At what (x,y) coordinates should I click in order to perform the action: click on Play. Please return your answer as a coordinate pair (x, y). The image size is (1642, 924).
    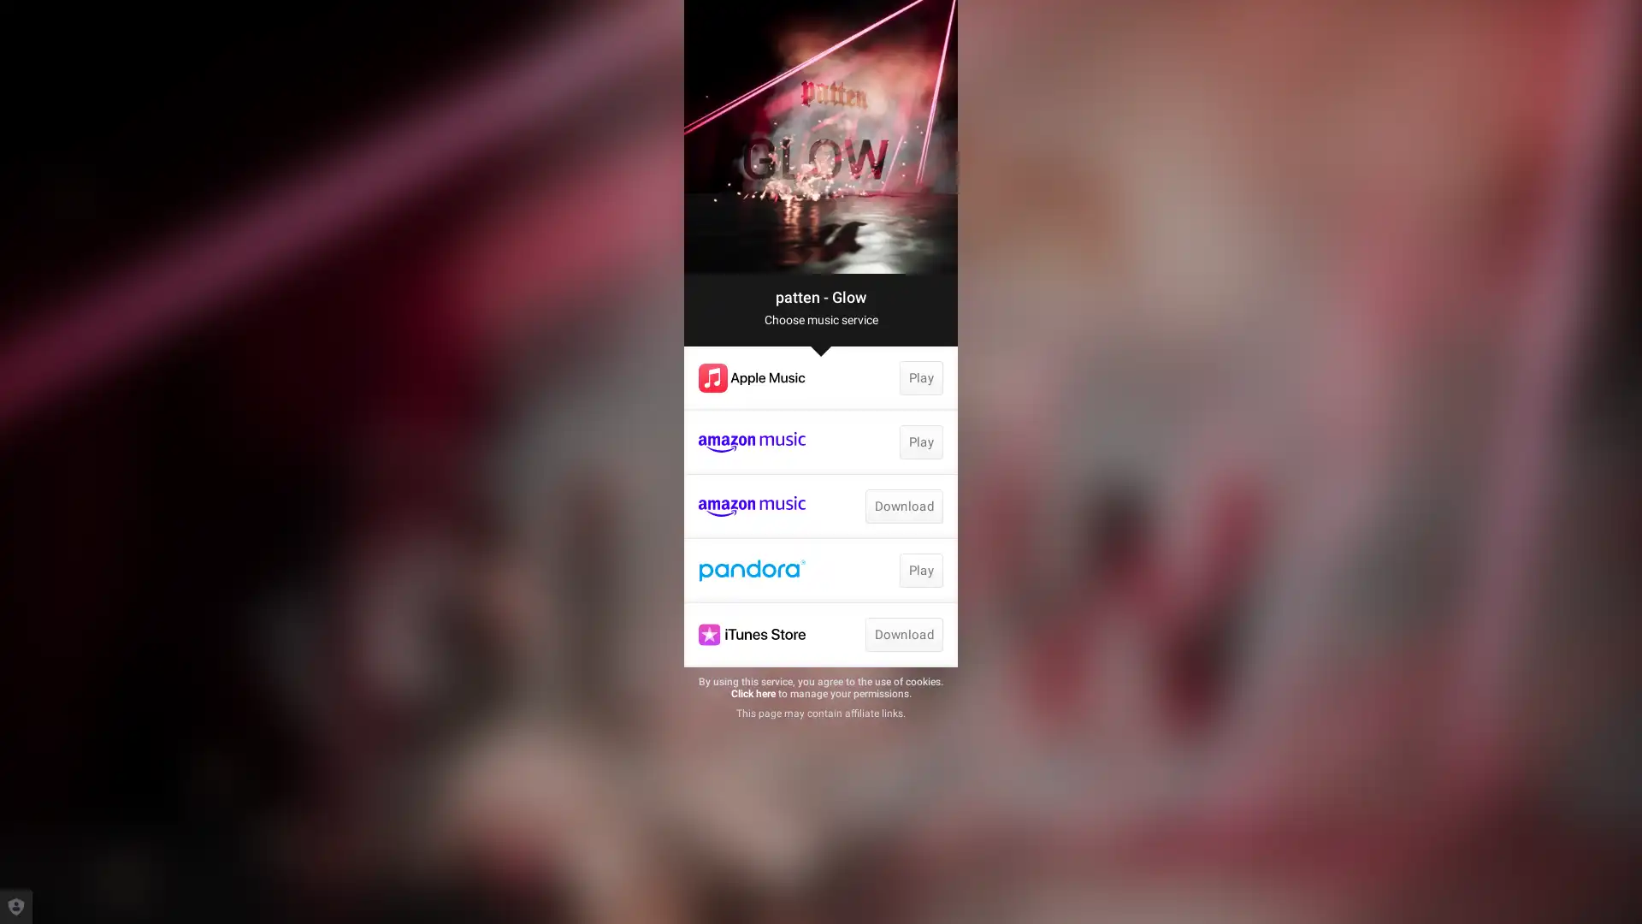
    Looking at the image, I should click on (919, 377).